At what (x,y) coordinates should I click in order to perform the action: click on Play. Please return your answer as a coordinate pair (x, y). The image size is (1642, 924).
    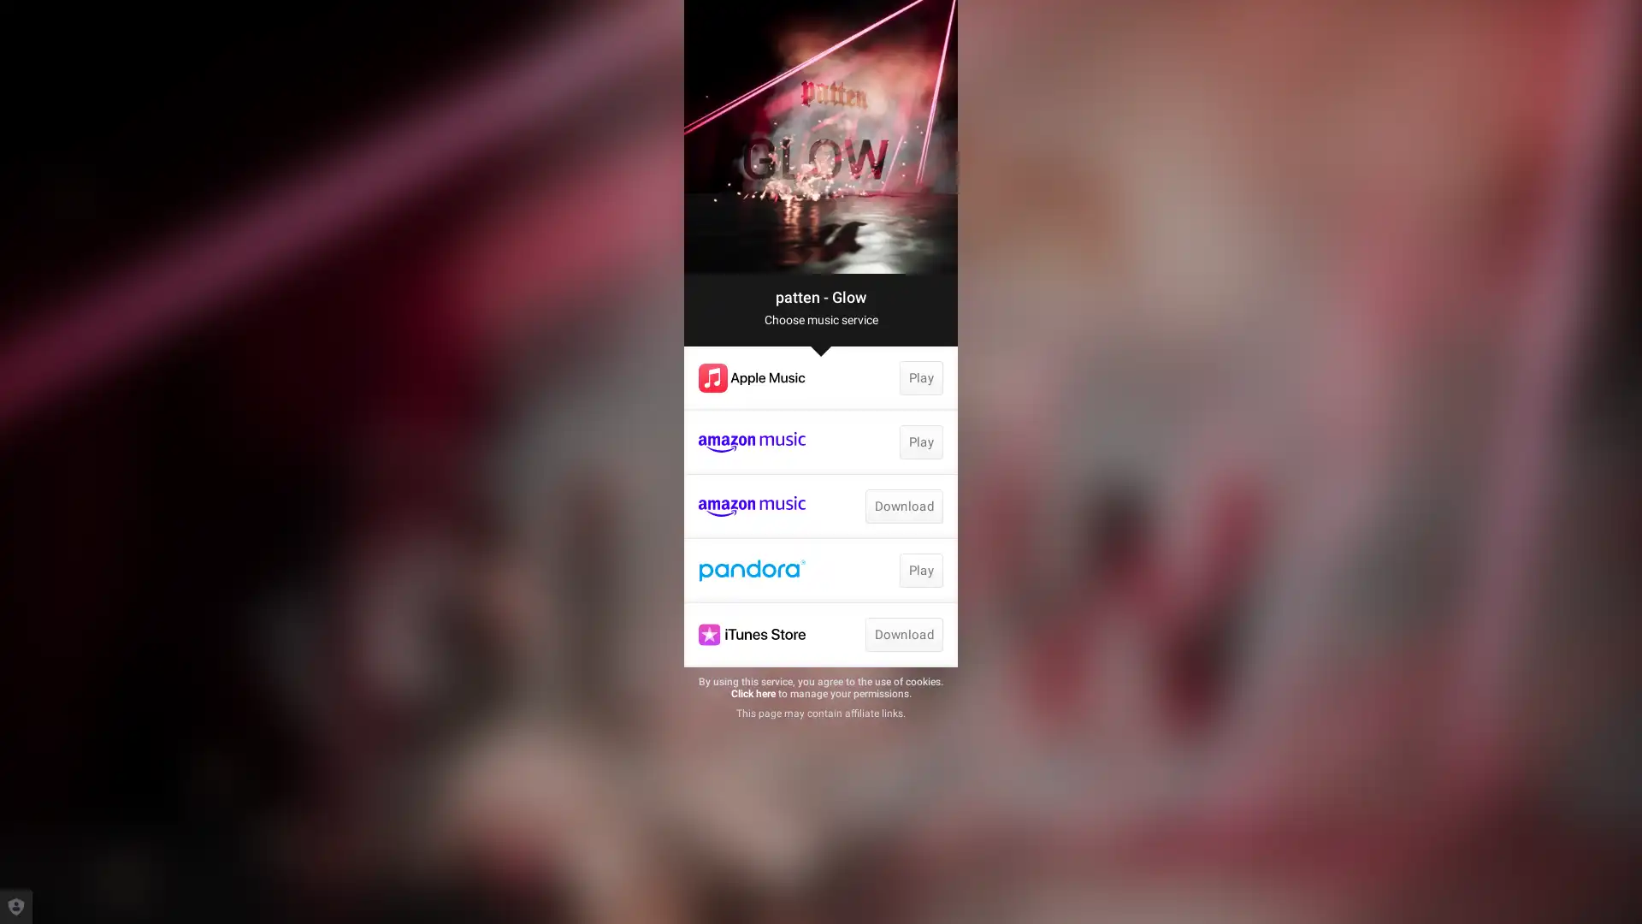
    Looking at the image, I should click on (919, 377).